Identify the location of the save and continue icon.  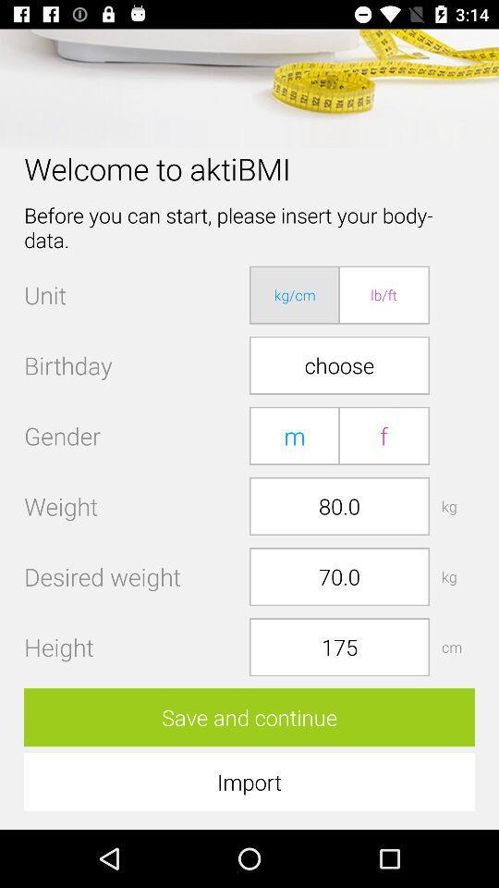
(249, 716).